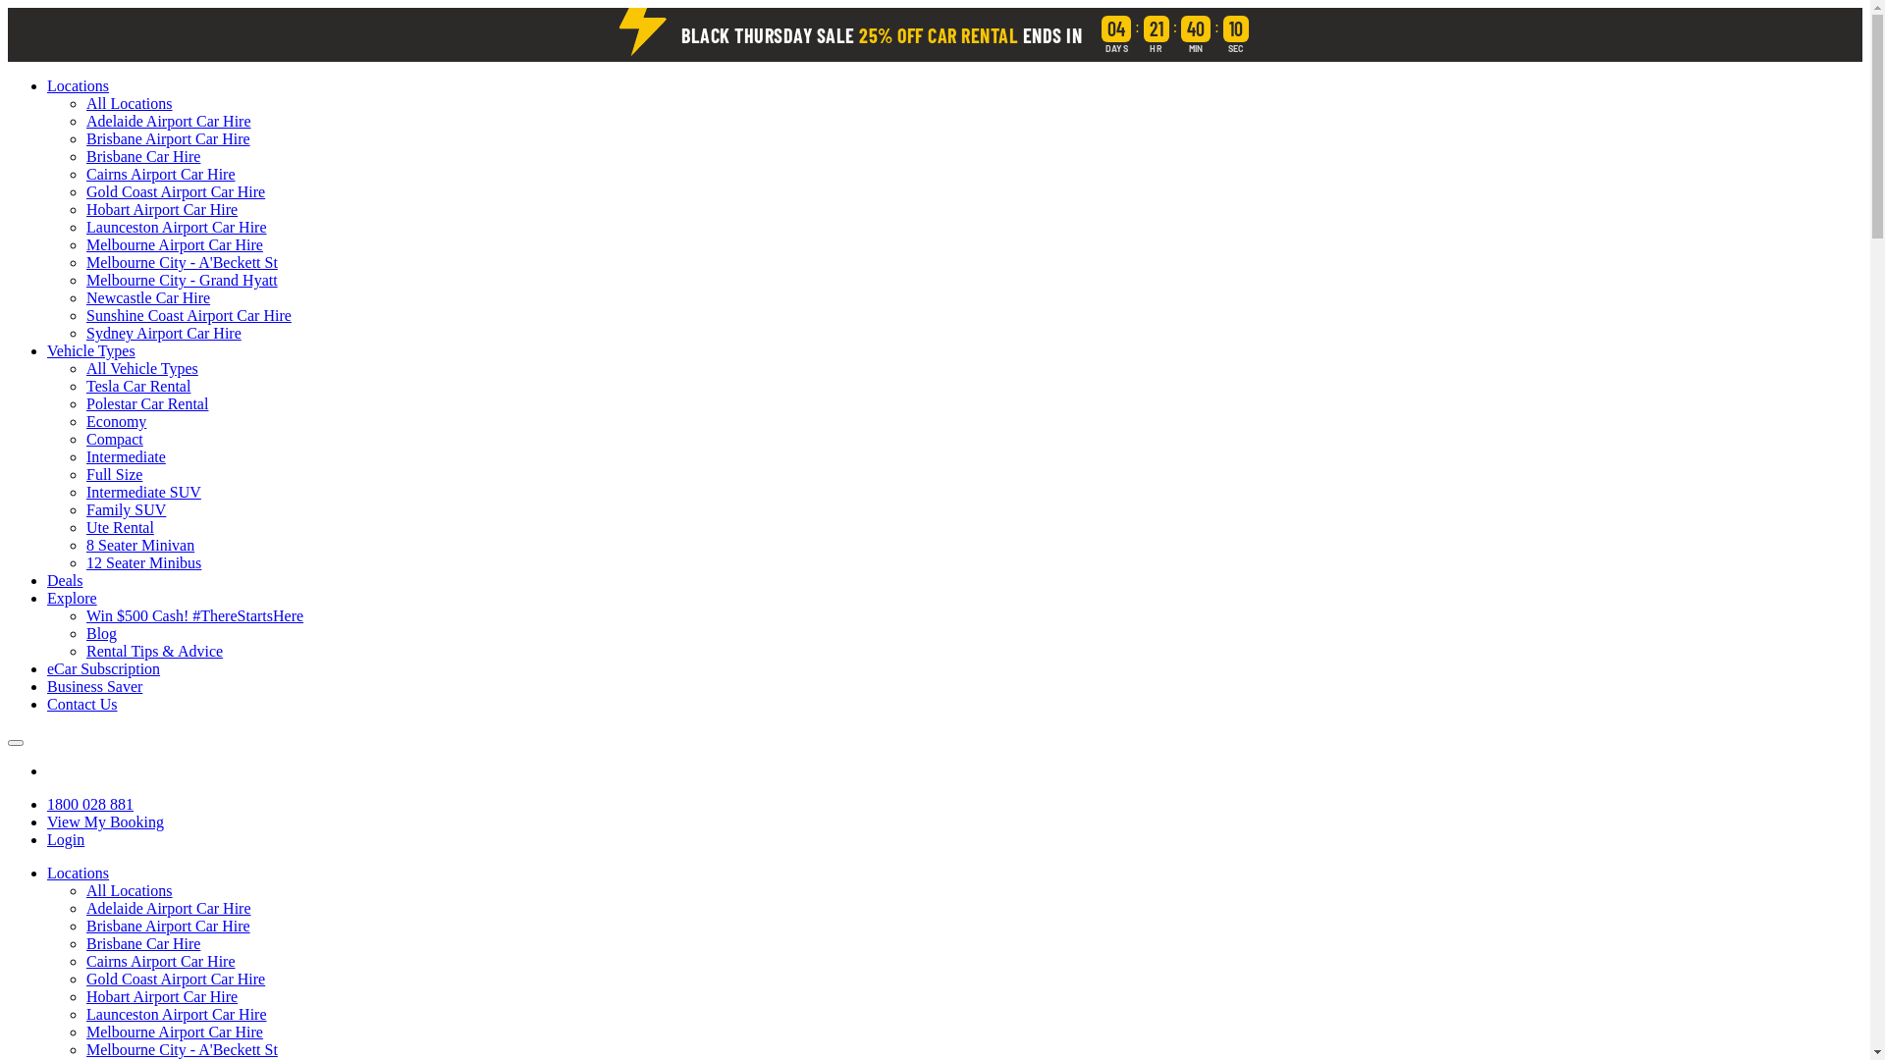  I want to click on '8 Seater Minivan', so click(139, 545).